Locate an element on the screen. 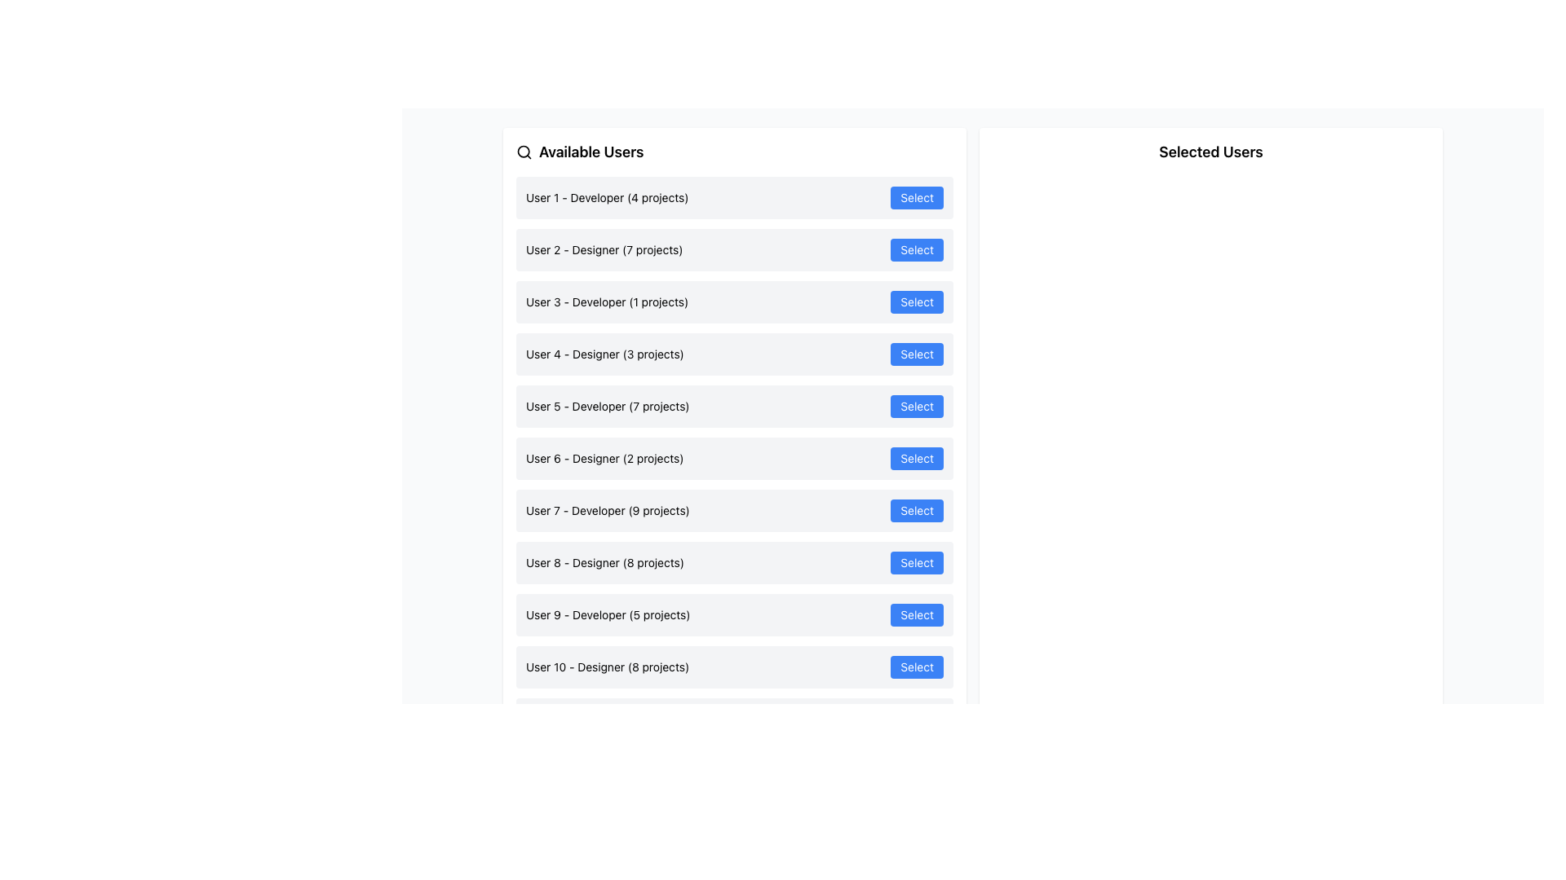  the label displaying 'User 10 - Designer (8 projects)' in the 'Available Users' section, which is the left-aligned description of the tenth entry in the list is located at coordinates (607, 667).